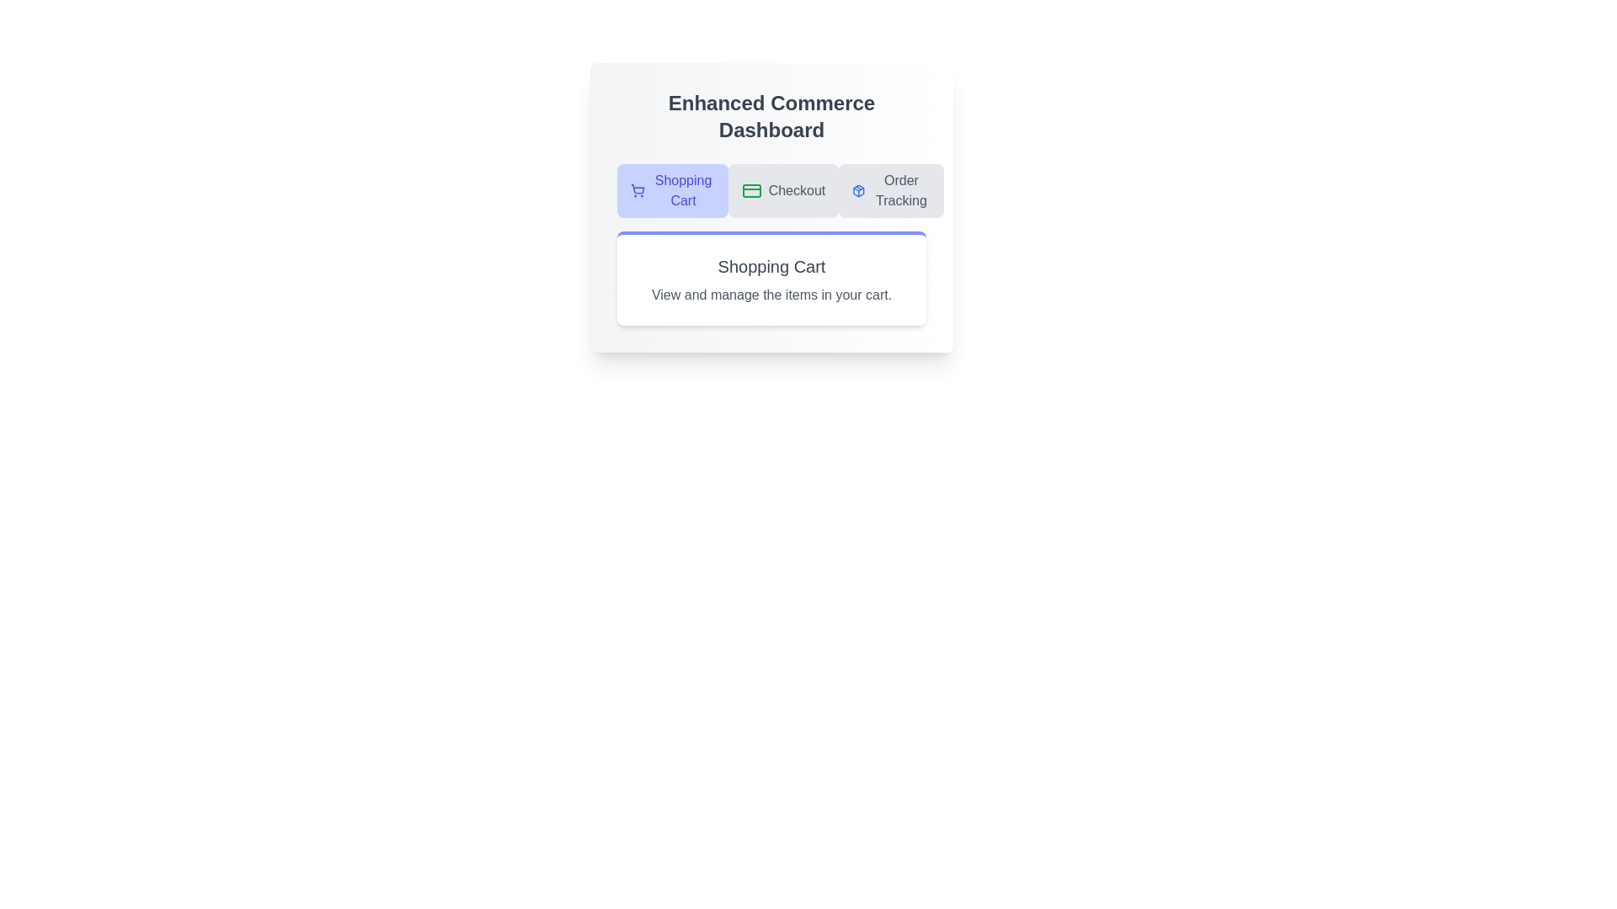 The image size is (1617, 909). I want to click on the Checkout tab, so click(782, 190).